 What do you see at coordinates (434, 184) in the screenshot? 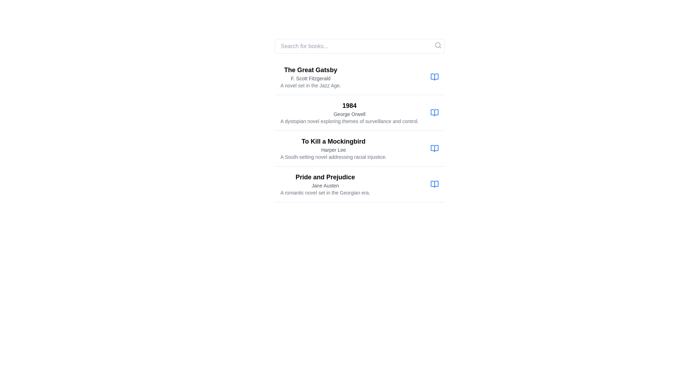
I see `the open book icon, which is visually styled with a blue tint and represents reading options, located to the right of the 'Pride and Prejudice' entry` at bounding box center [434, 184].